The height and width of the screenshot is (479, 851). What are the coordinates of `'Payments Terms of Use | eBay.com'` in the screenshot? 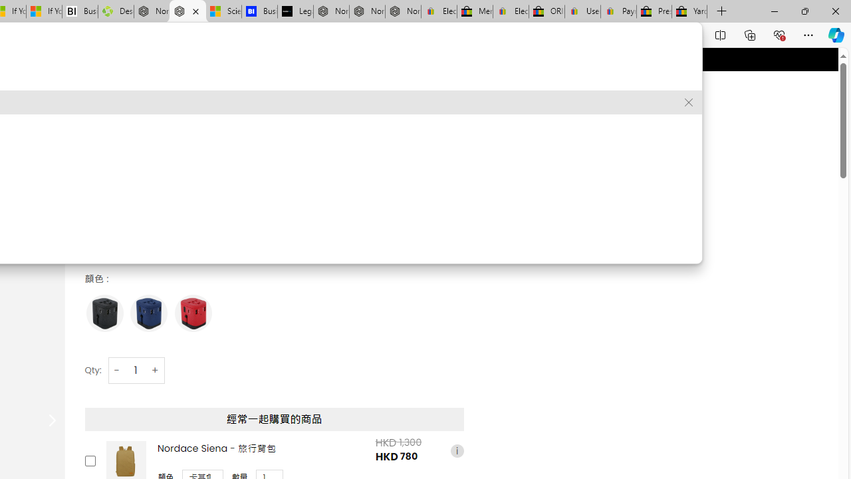 It's located at (618, 11).